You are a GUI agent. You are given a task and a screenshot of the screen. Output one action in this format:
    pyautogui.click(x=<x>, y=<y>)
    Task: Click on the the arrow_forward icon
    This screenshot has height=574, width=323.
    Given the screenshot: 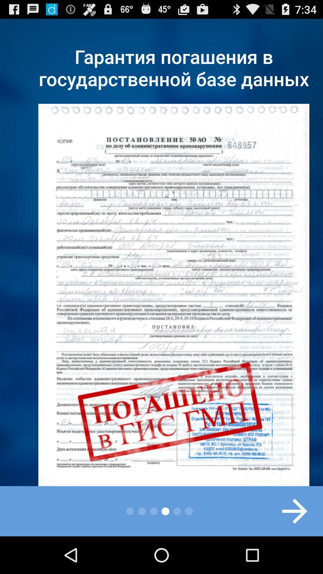 What is the action you would take?
    pyautogui.click(x=288, y=547)
    